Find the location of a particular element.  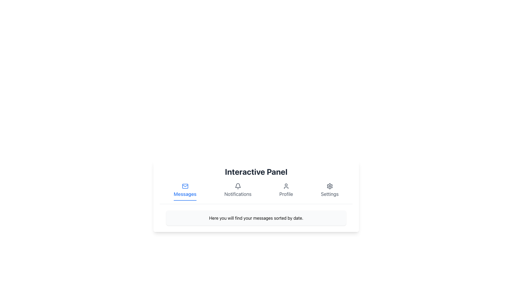

the envelope icon component representing the body of the envelope is located at coordinates (185, 186).